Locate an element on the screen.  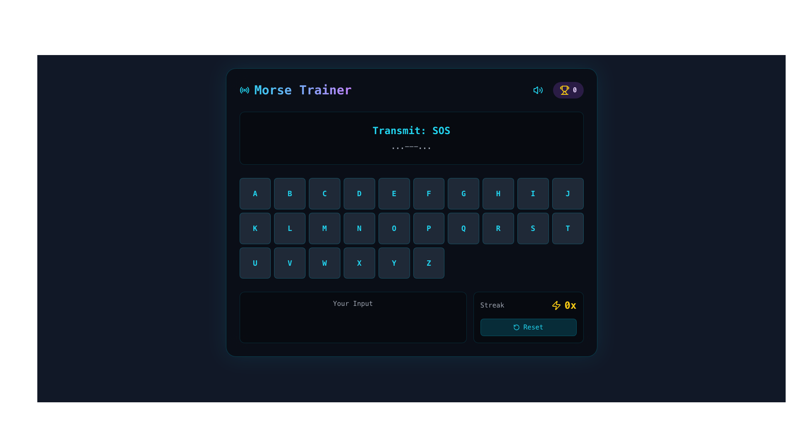
the button representing the letter 'P' located in the third row and sixth column of the grid layout to trigger the hover effect is located at coordinates (429, 228).